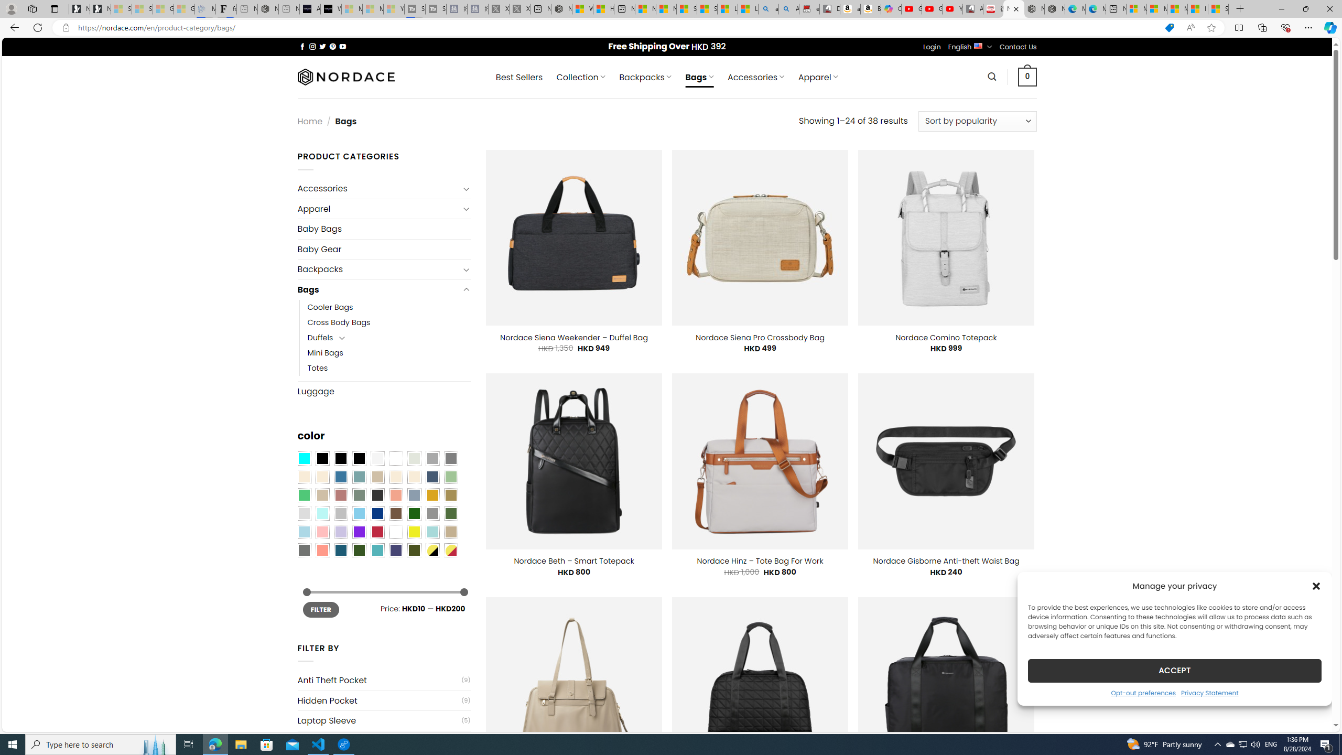 The height and width of the screenshot is (755, 1342). I want to click on 'Aqua', so click(431, 532).